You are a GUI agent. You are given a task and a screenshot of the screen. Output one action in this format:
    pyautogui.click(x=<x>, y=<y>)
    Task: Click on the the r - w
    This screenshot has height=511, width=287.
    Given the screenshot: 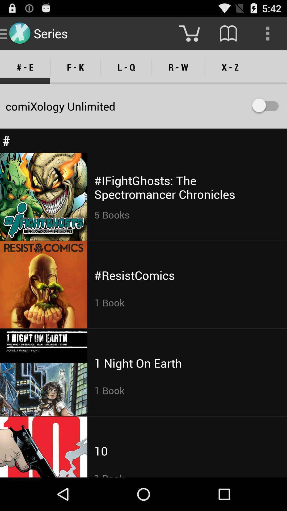 What is the action you would take?
    pyautogui.click(x=178, y=67)
    